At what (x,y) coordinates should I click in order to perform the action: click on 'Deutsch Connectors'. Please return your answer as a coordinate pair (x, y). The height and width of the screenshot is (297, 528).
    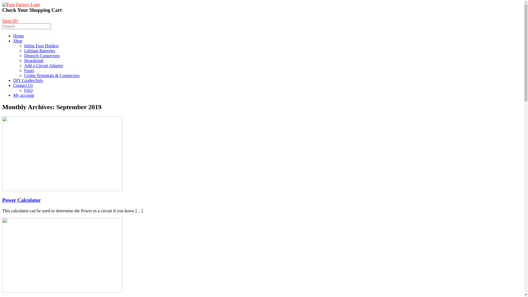
    Looking at the image, I should click on (24, 56).